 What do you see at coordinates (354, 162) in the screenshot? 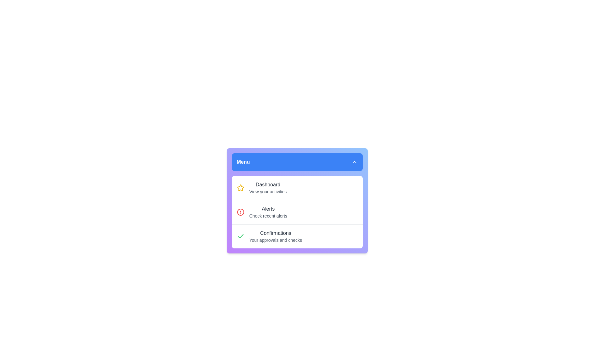
I see `the collapsible icon located at the top-right corner of the blue header section labeled 'Menu', which allows users to collapse or expand the 'Menu' section` at bounding box center [354, 162].